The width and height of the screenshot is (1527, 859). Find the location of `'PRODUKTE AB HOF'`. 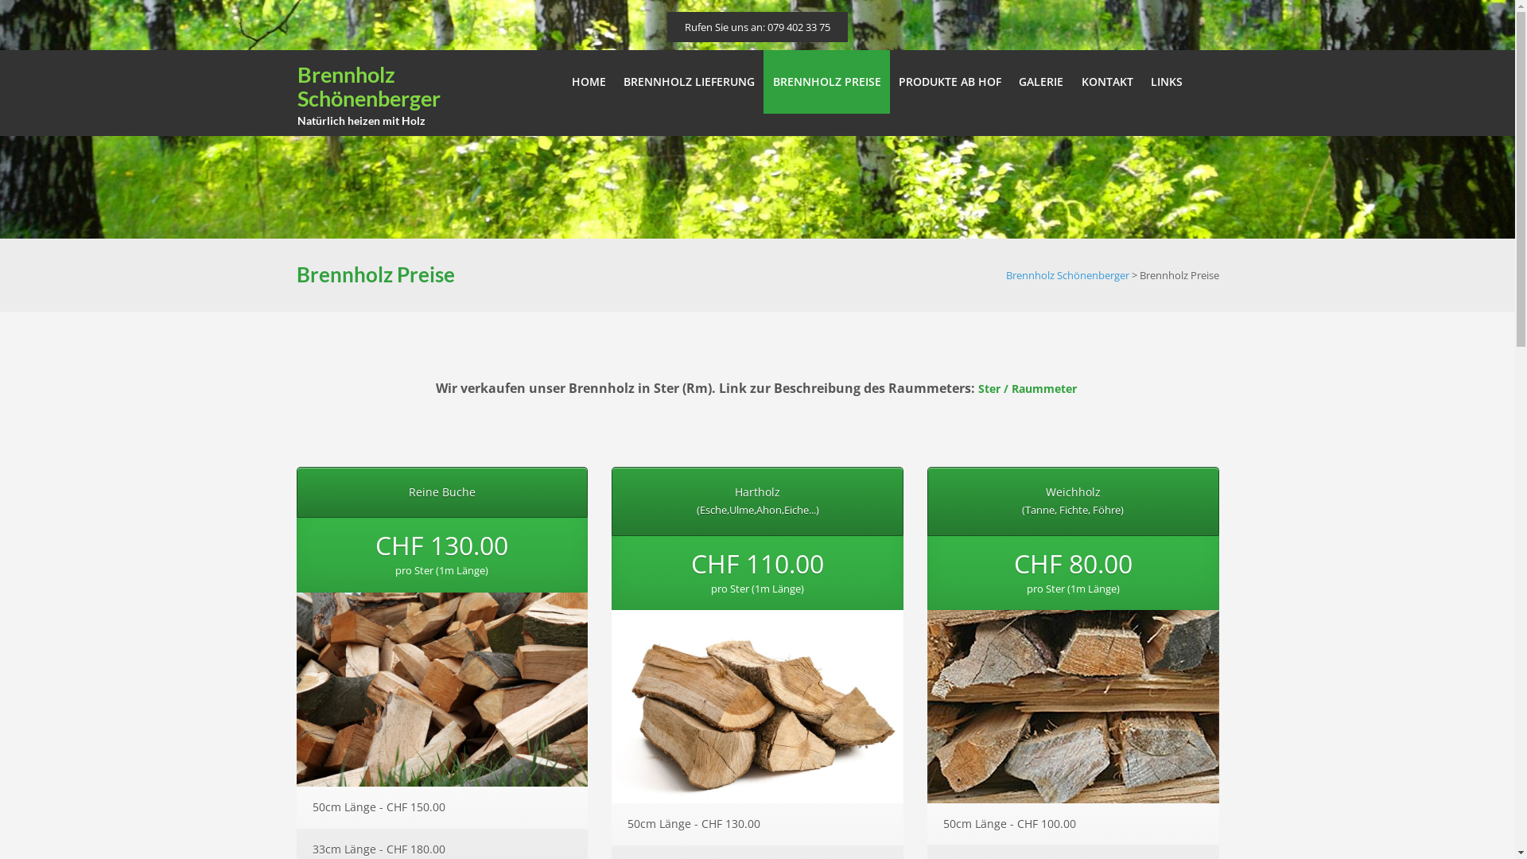

'PRODUKTE AB HOF' is located at coordinates (888, 82).